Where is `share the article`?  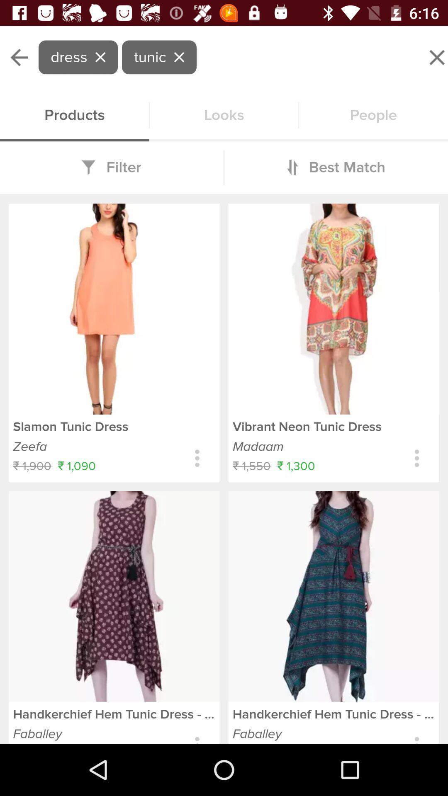 share the article is located at coordinates (197, 458).